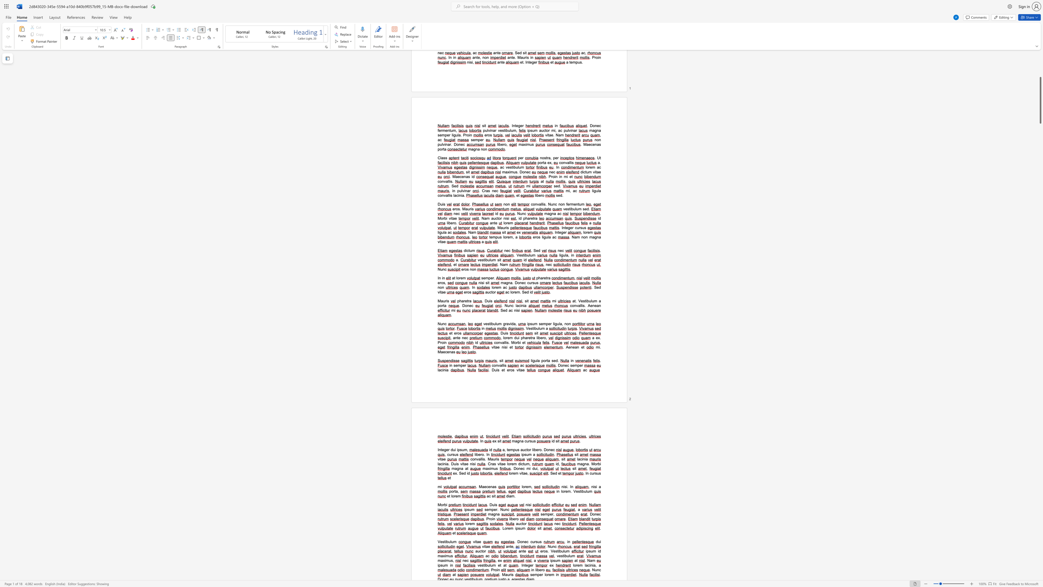 This screenshot has height=587, width=1043. What do you see at coordinates (596, 473) in the screenshot?
I see `the space between the continuous character "s" and "u" in the text` at bounding box center [596, 473].